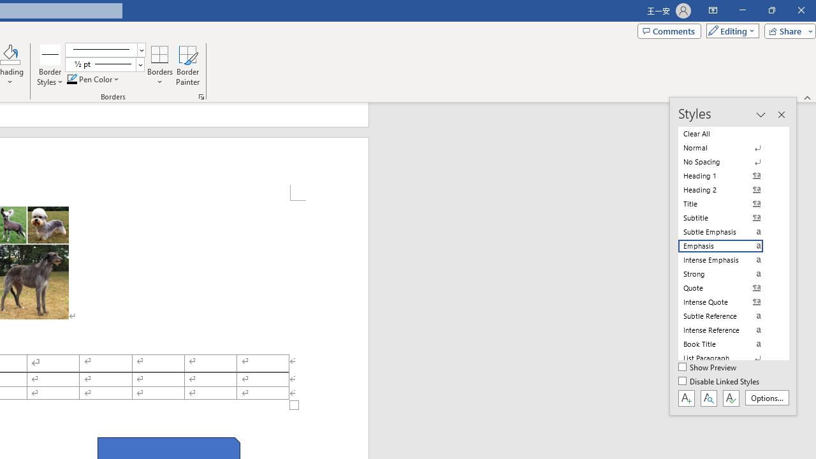 The image size is (816, 459). Describe the element at coordinates (105, 49) in the screenshot. I see `'Pen Style'` at that location.